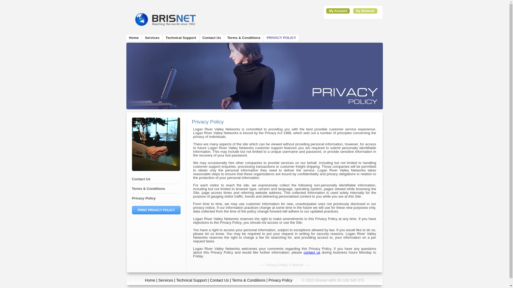 This screenshot has height=288, width=513. Describe the element at coordinates (129, 37) in the screenshot. I see `'Home'` at that location.